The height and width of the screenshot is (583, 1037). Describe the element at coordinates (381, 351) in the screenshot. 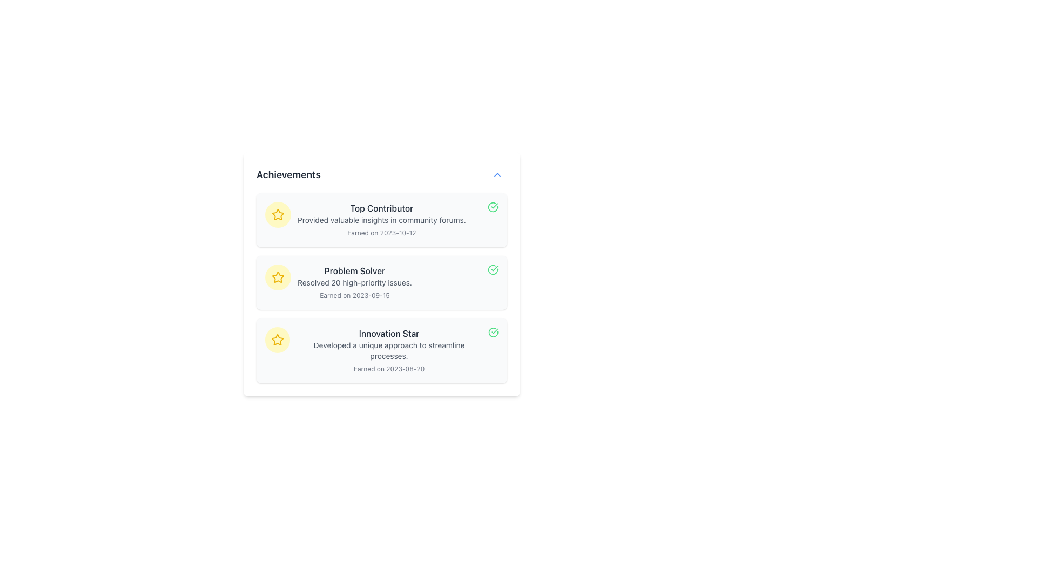

I see `the 'Innovation Star' informational card, which is the last item in the vertical list of achievement cards with a light gray background and rounded corners` at that location.